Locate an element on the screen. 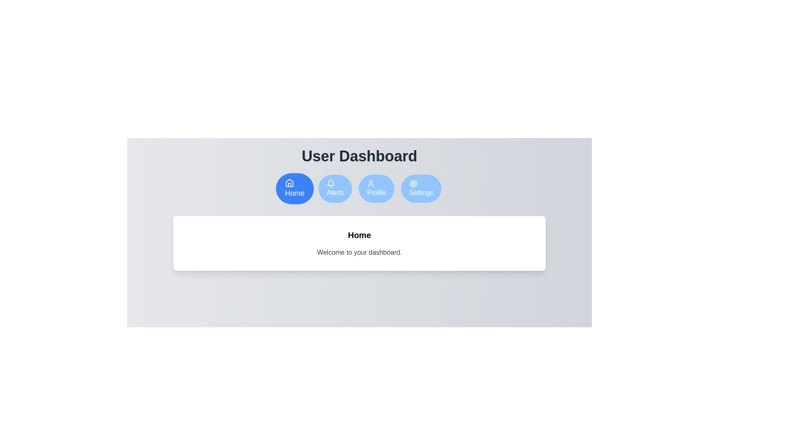  the Alerts tab by clicking on the respective button is located at coordinates (335, 189).